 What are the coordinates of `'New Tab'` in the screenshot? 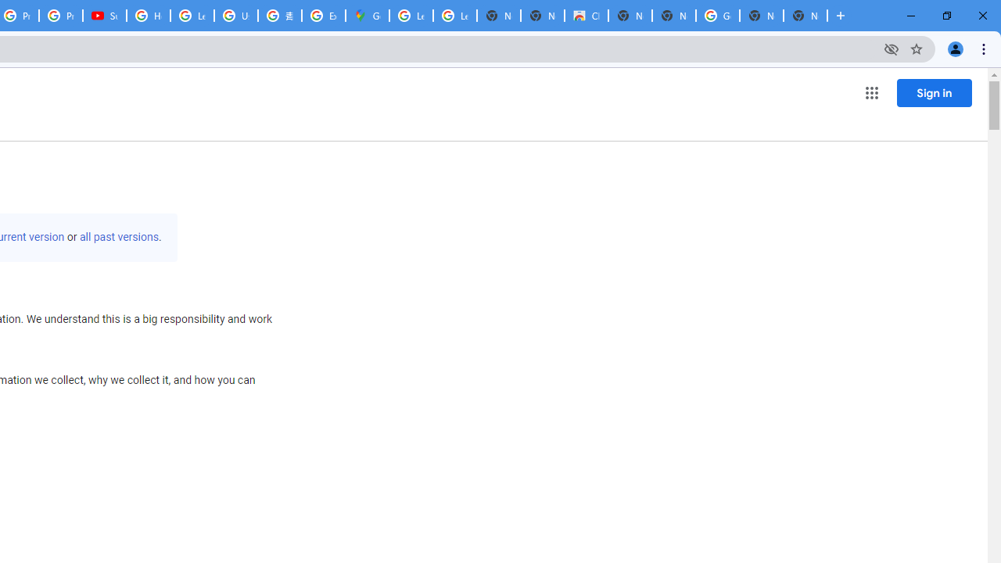 It's located at (805, 16).